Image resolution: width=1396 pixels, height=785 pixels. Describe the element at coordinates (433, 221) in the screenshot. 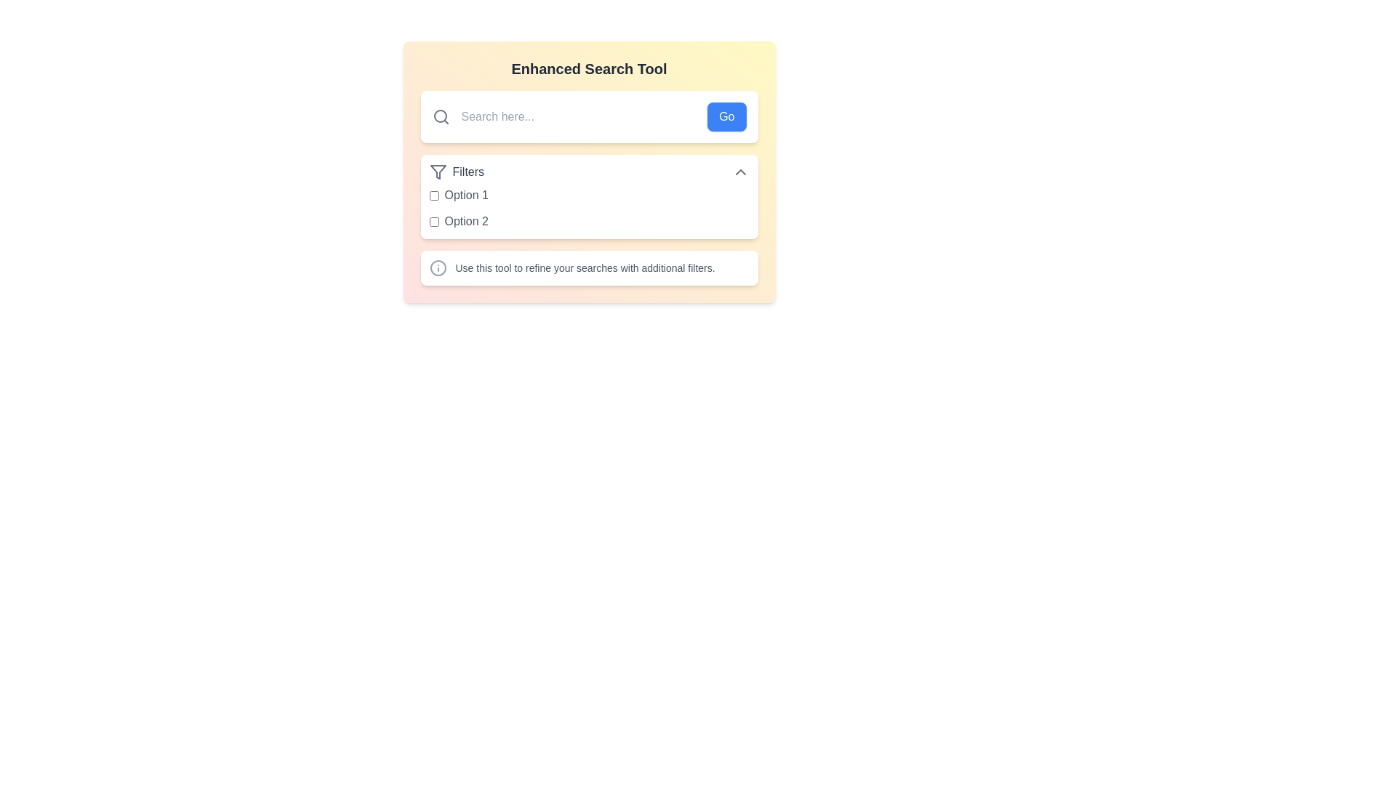

I see `the checkbox for 'Option 2' located below the 'Filters' heading` at that location.